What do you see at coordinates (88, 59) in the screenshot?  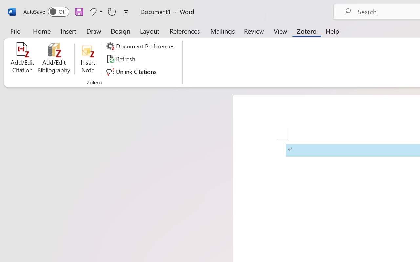 I see `'Insert Note'` at bounding box center [88, 59].